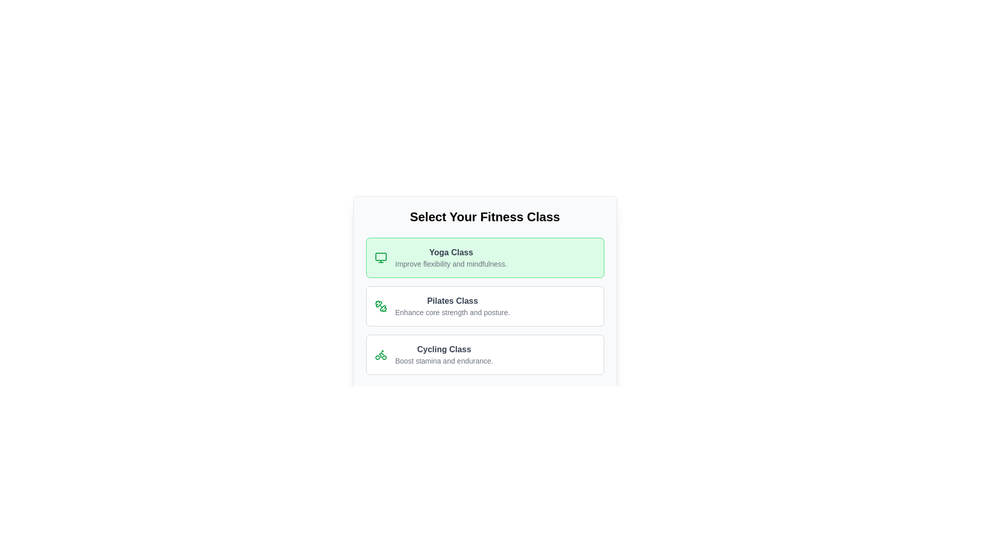 The width and height of the screenshot is (990, 557). What do you see at coordinates (484, 306) in the screenshot?
I see `the interactive card representing the Pilates class, which is the second card in a list of three fitness class cards` at bounding box center [484, 306].